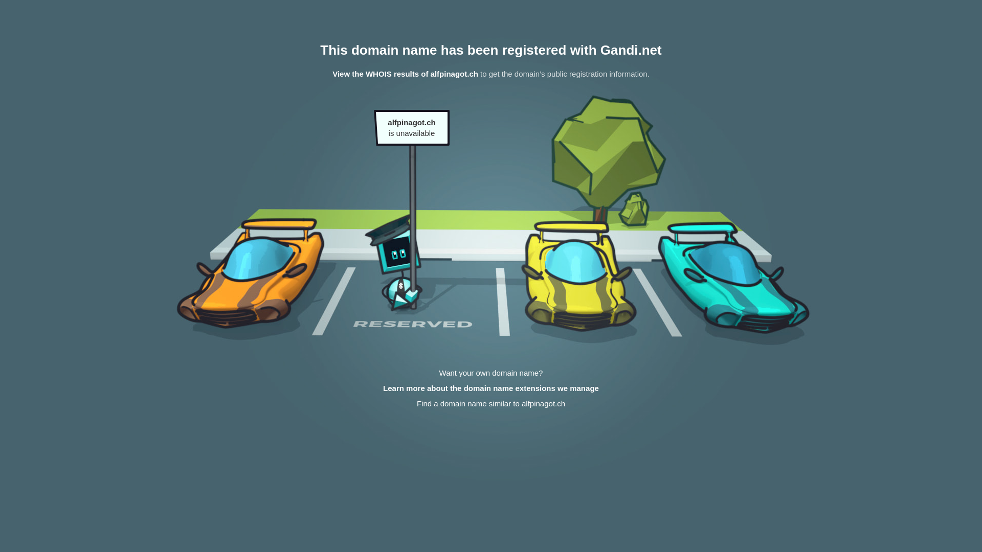  What do you see at coordinates (491, 403) in the screenshot?
I see `'Find a domain name similar to alfpinagot.ch'` at bounding box center [491, 403].